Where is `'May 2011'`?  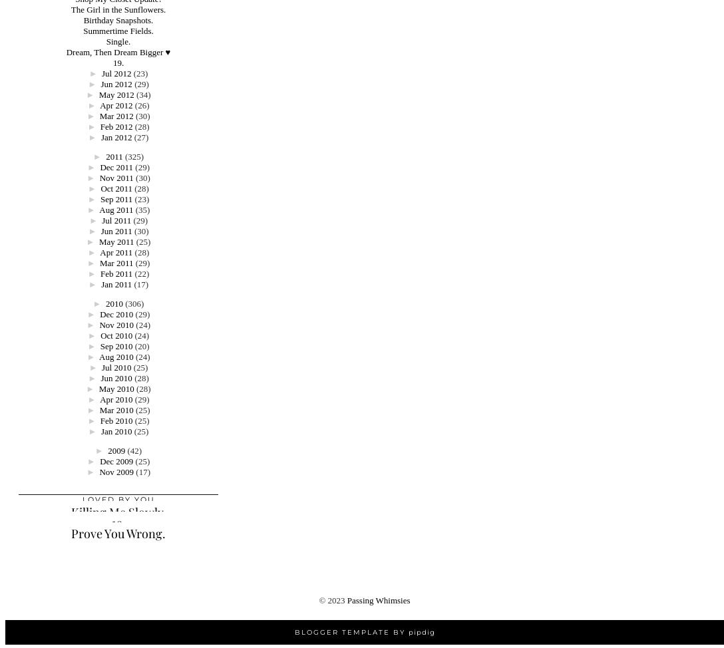
'May 2011' is located at coordinates (115, 242).